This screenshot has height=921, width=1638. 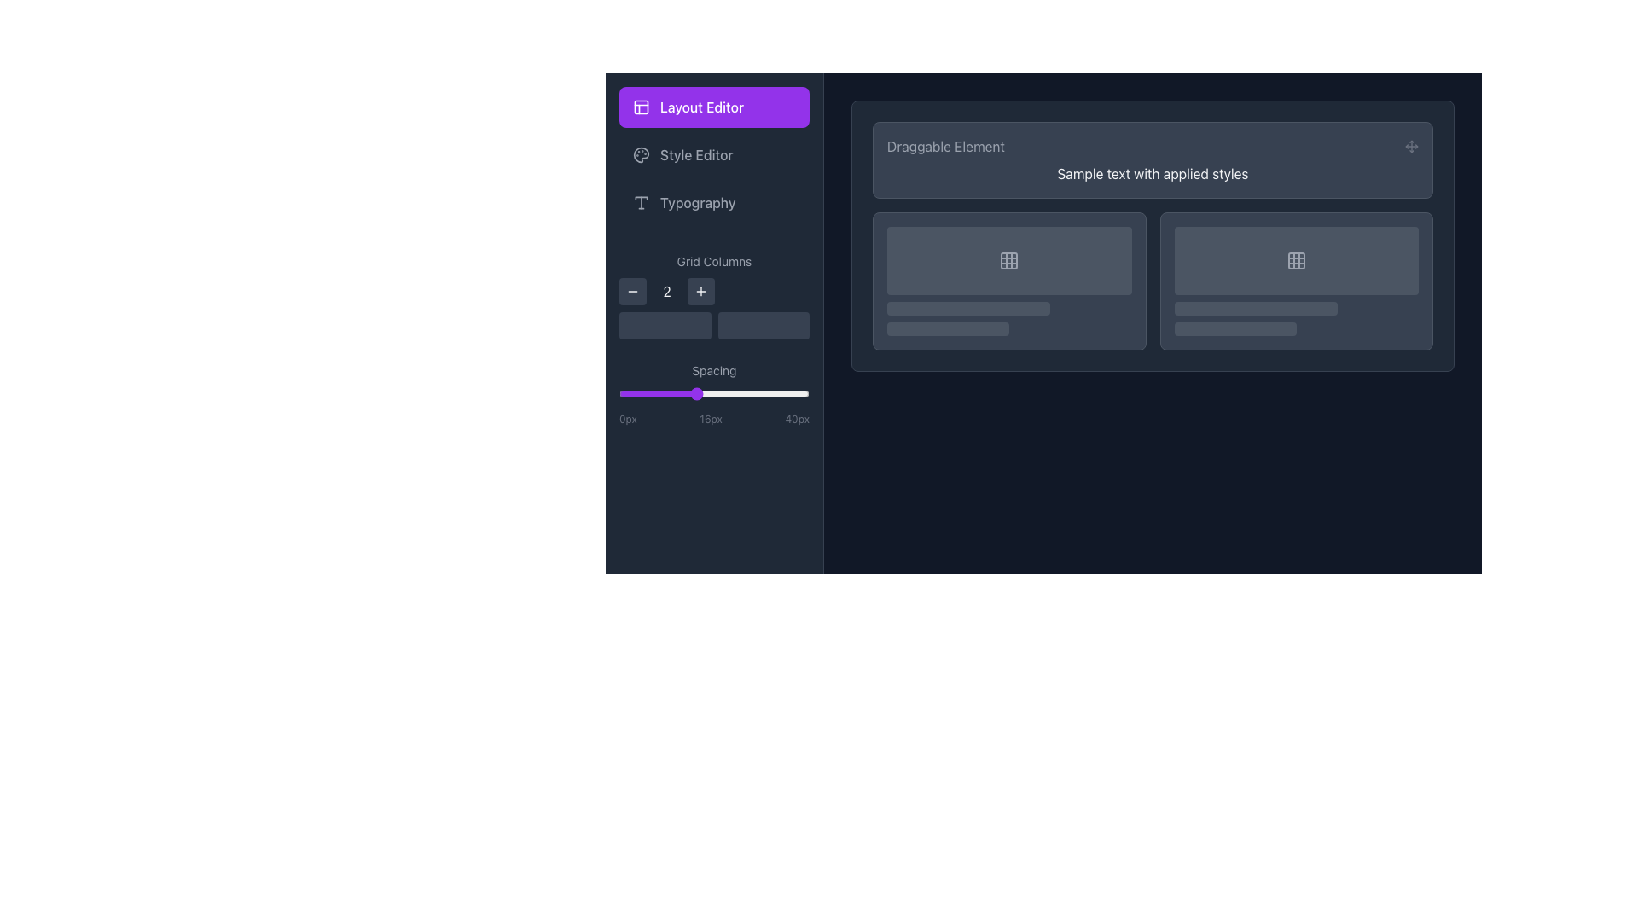 What do you see at coordinates (714, 154) in the screenshot?
I see `the 'Style Editor' button, which is a gray button with a palette icon on the left, located in a vertical sidebar below the 'Layout Editor' button` at bounding box center [714, 154].